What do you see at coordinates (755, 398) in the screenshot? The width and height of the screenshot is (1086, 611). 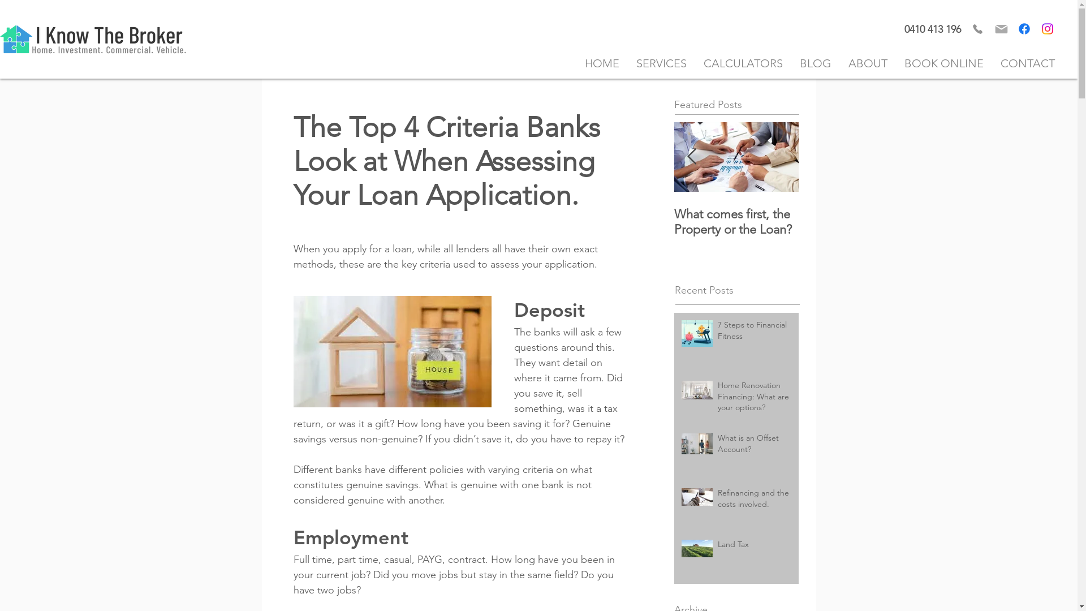 I see `'Home Renovation Financing: What are your options?'` at bounding box center [755, 398].